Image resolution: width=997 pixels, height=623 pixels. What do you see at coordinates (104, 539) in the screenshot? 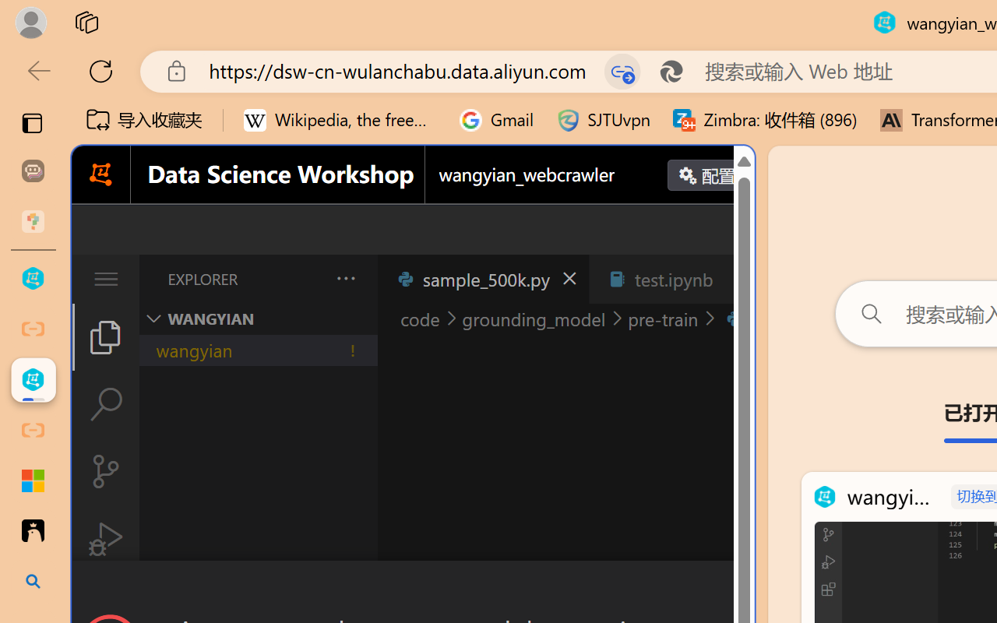
I see `'Run and Debug (Ctrl+Shift+D)'` at bounding box center [104, 539].